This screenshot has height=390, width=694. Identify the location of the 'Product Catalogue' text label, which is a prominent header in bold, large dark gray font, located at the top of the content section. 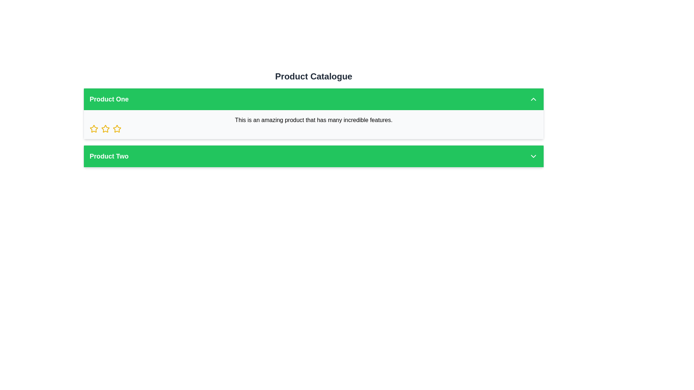
(314, 77).